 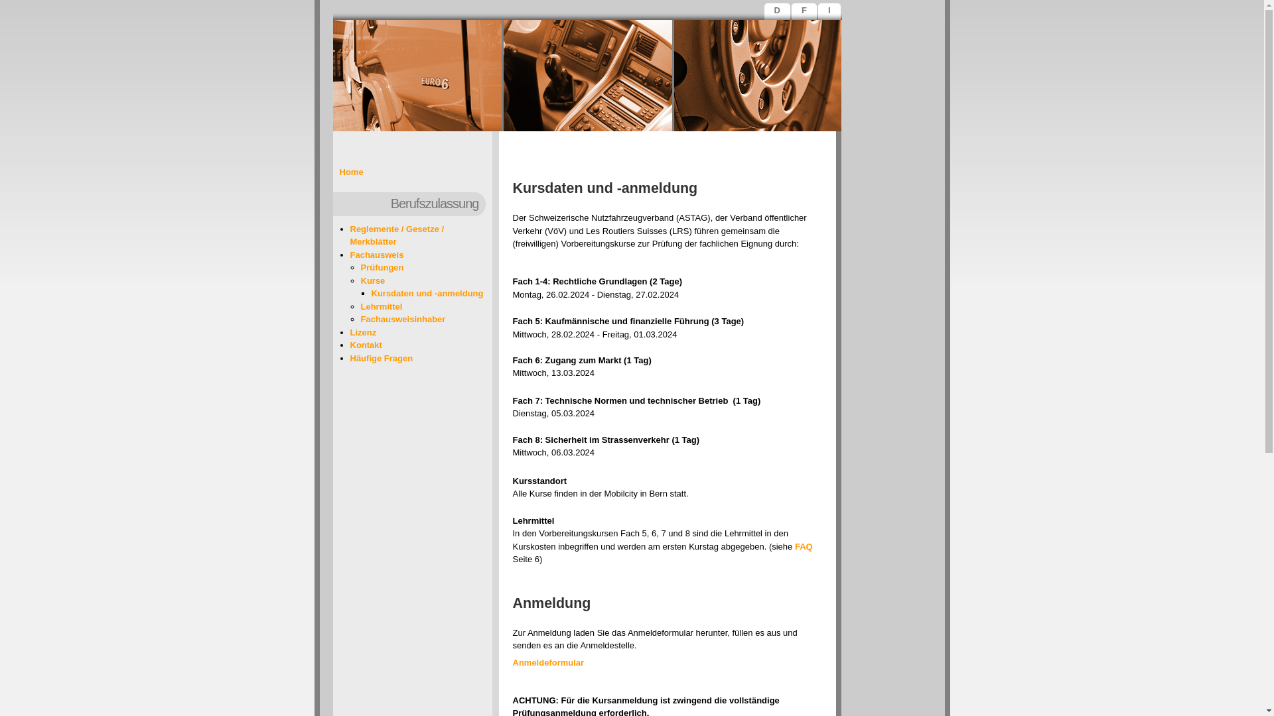 I want to click on 'Lehrmittel', so click(x=381, y=306).